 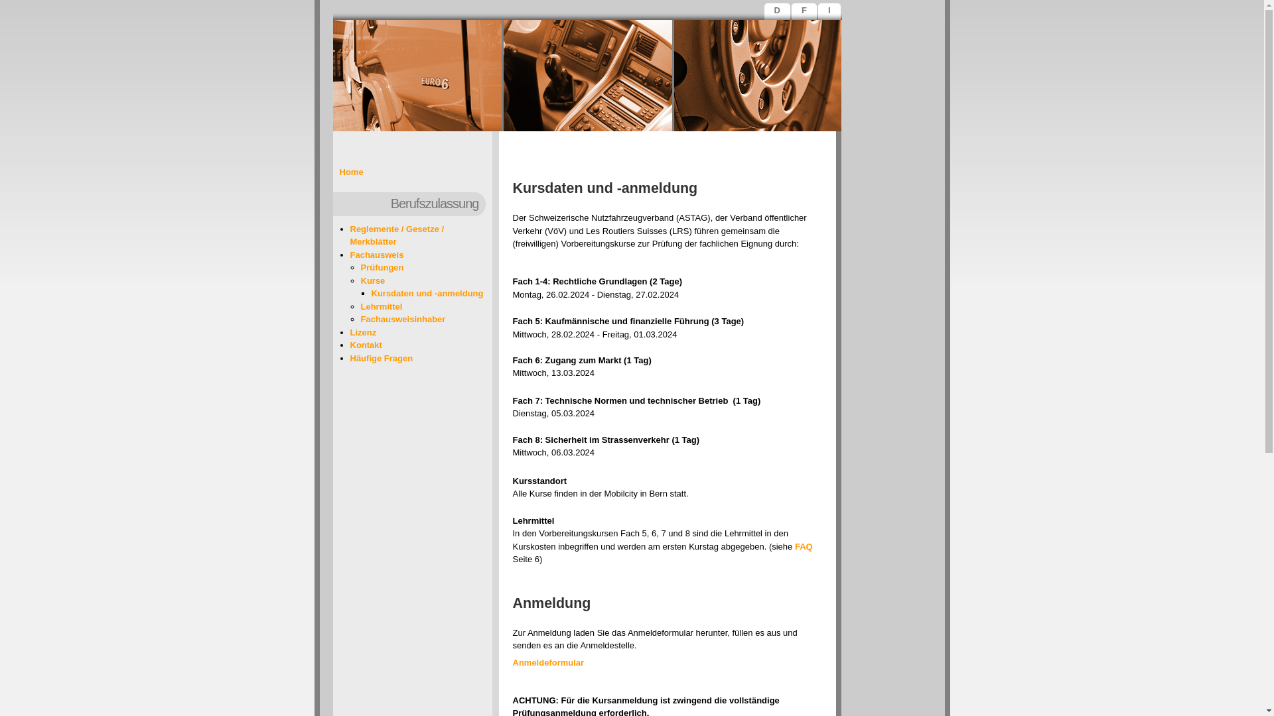 I want to click on 'Lehrmittel', so click(x=381, y=306).